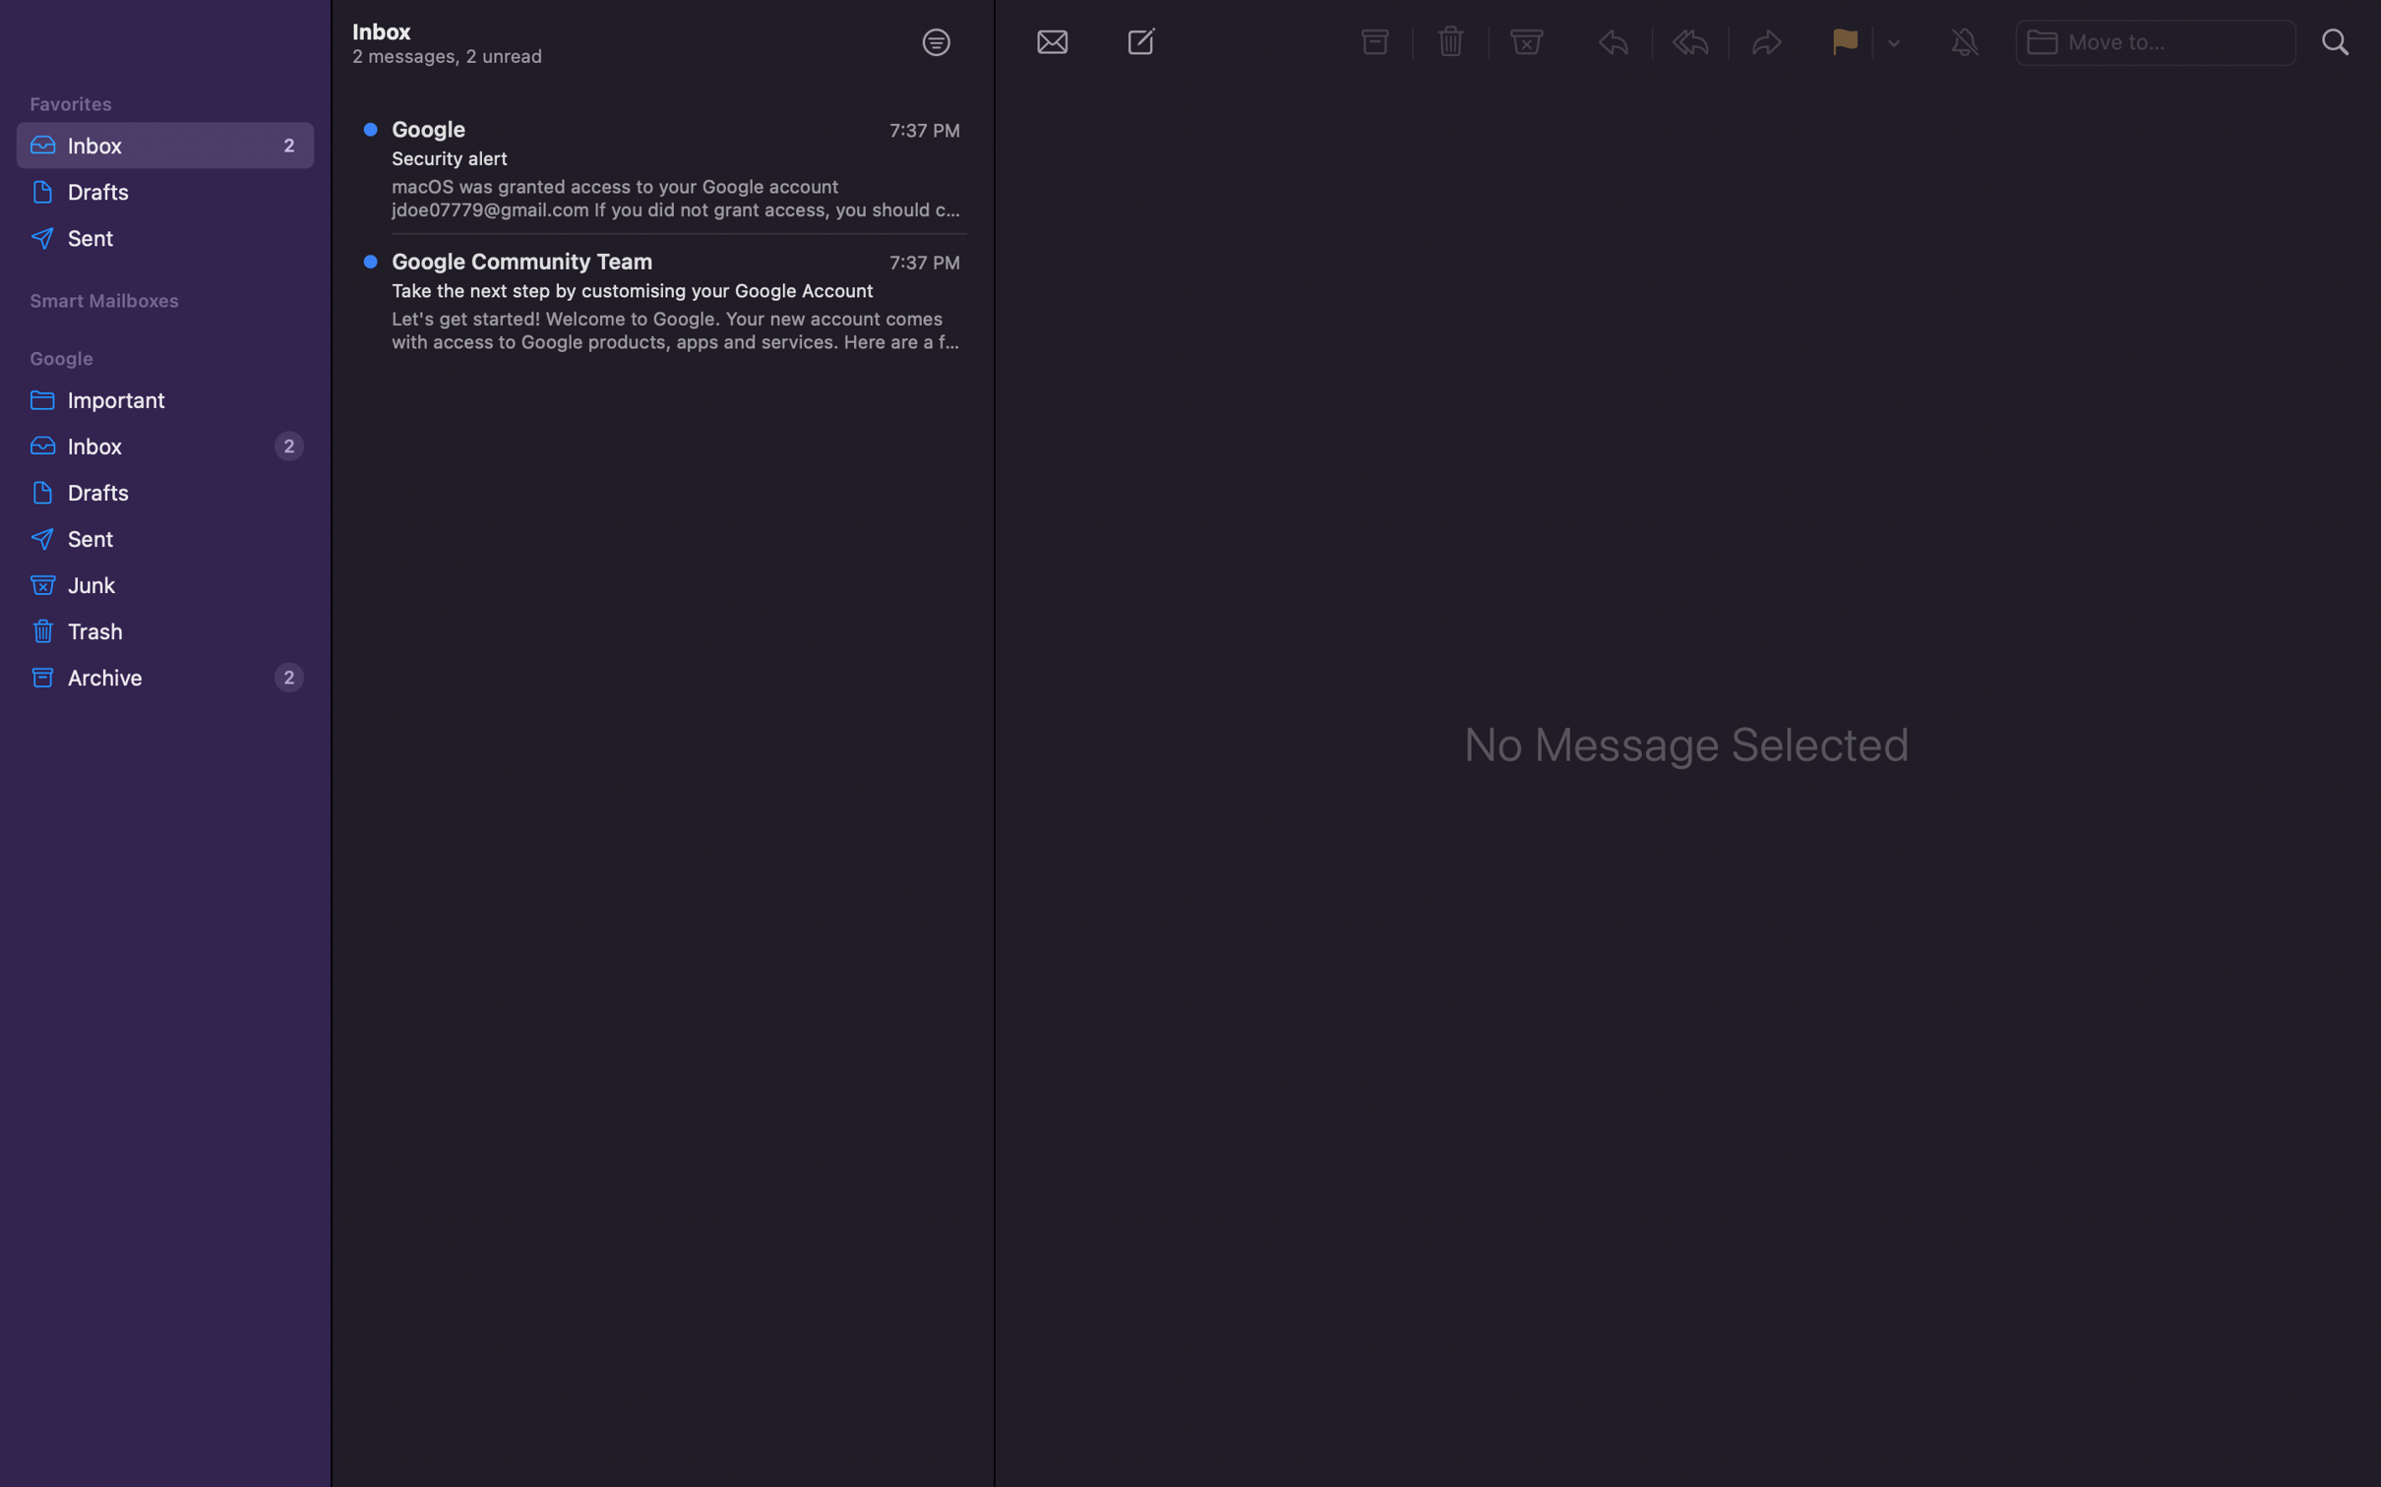 The image size is (2381, 1487). I want to click on Delete the selected message, so click(1452, 40).